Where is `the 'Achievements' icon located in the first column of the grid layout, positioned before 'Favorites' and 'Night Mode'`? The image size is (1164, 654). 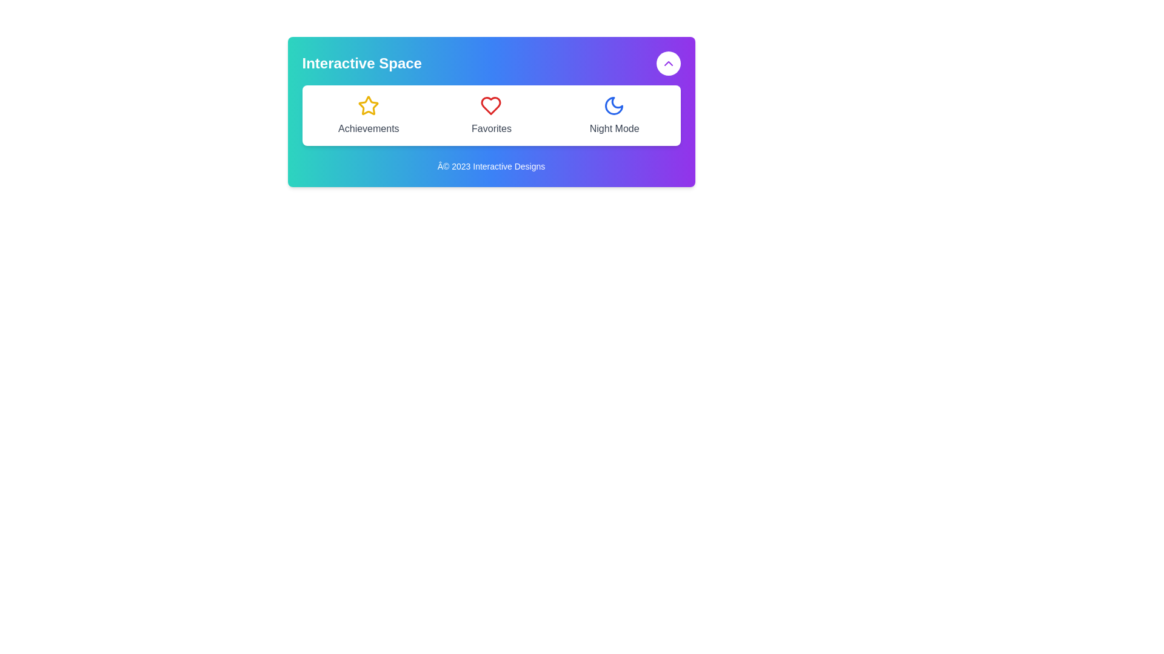
the 'Achievements' icon located in the first column of the grid layout, positioned before 'Favorites' and 'Night Mode' is located at coordinates (367, 116).